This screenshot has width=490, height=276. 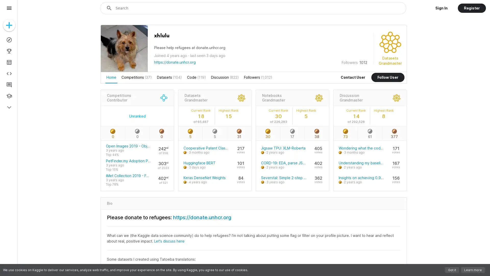 What do you see at coordinates (195, 98) in the screenshot?
I see `Datasets Grandmaster` at bounding box center [195, 98].